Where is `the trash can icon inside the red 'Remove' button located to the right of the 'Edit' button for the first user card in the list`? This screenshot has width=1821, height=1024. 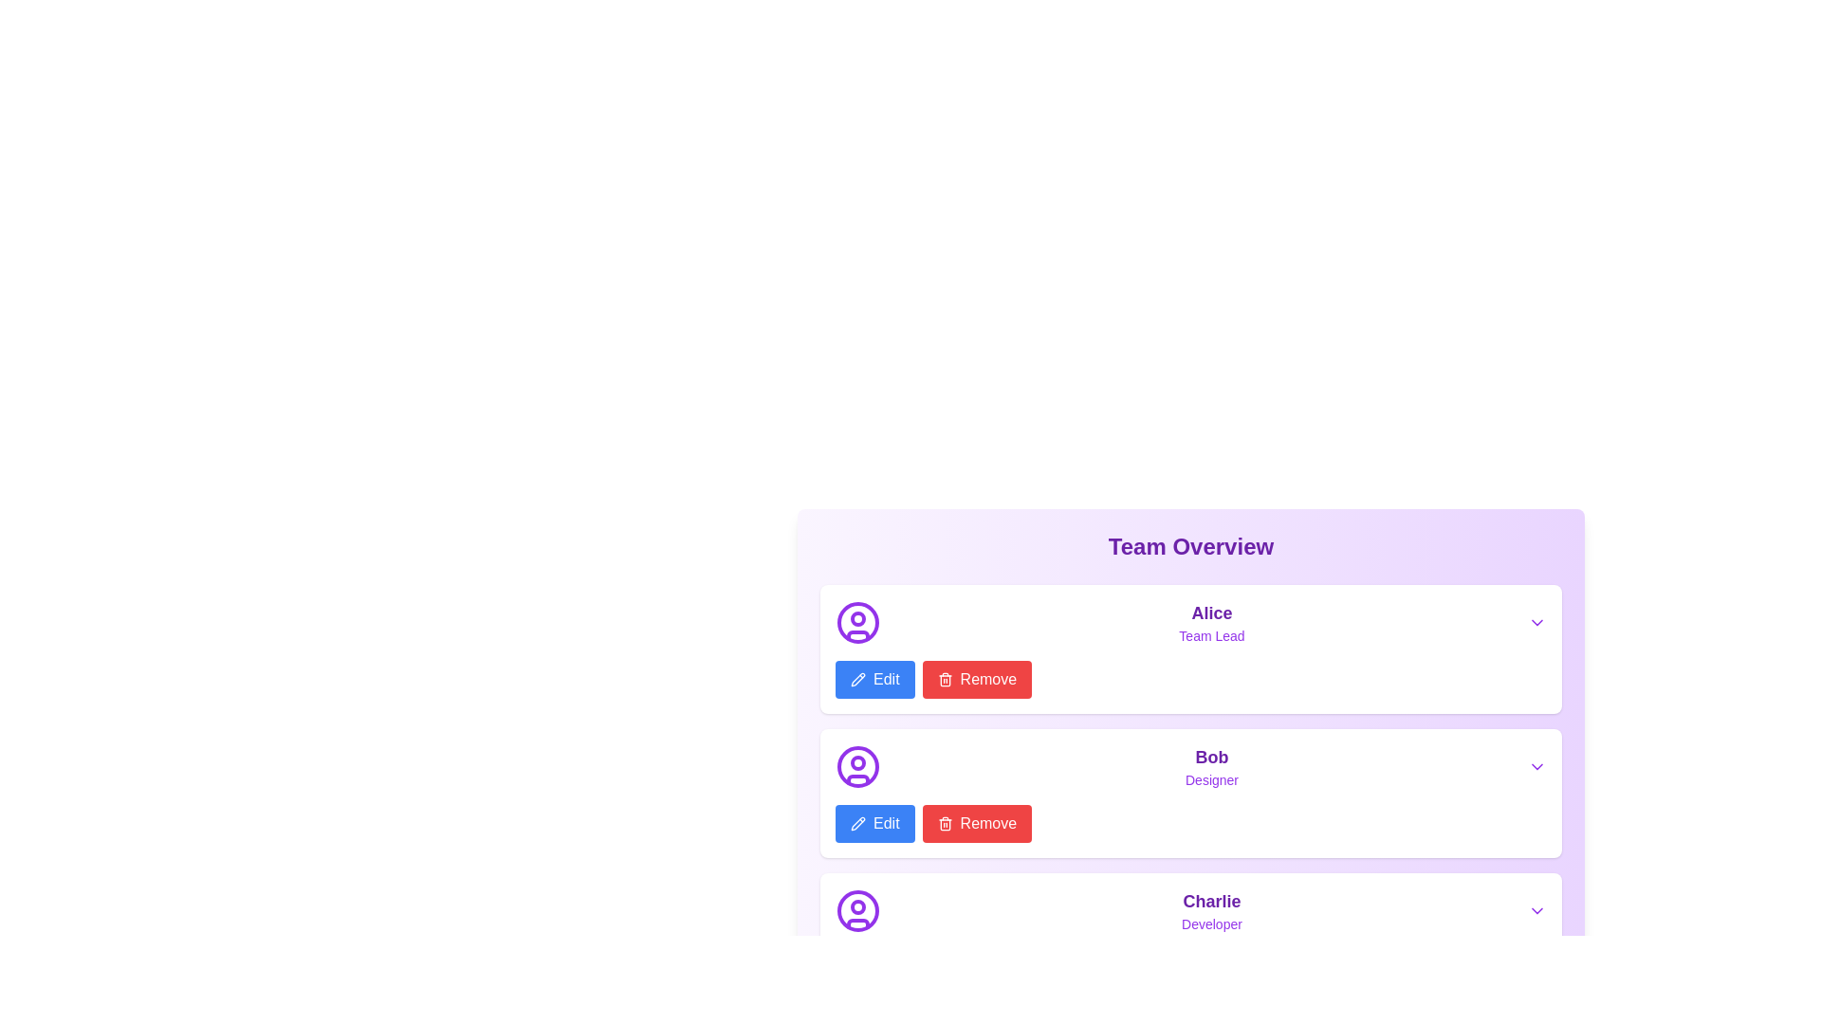
the trash can icon inside the red 'Remove' button located to the right of the 'Edit' button for the first user card in the list is located at coordinates (945, 679).